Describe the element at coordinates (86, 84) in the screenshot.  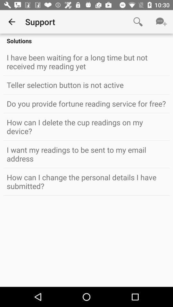
I see `the icon above the do you provide icon` at that location.